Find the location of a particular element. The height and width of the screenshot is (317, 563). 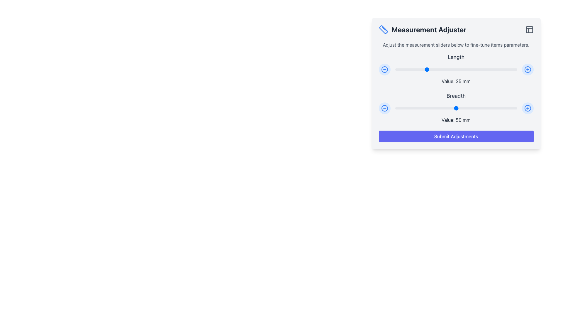

the Header section of the measurement adjustment interface, which serves as the title bar for the adjustment sliders is located at coordinates (456, 29).